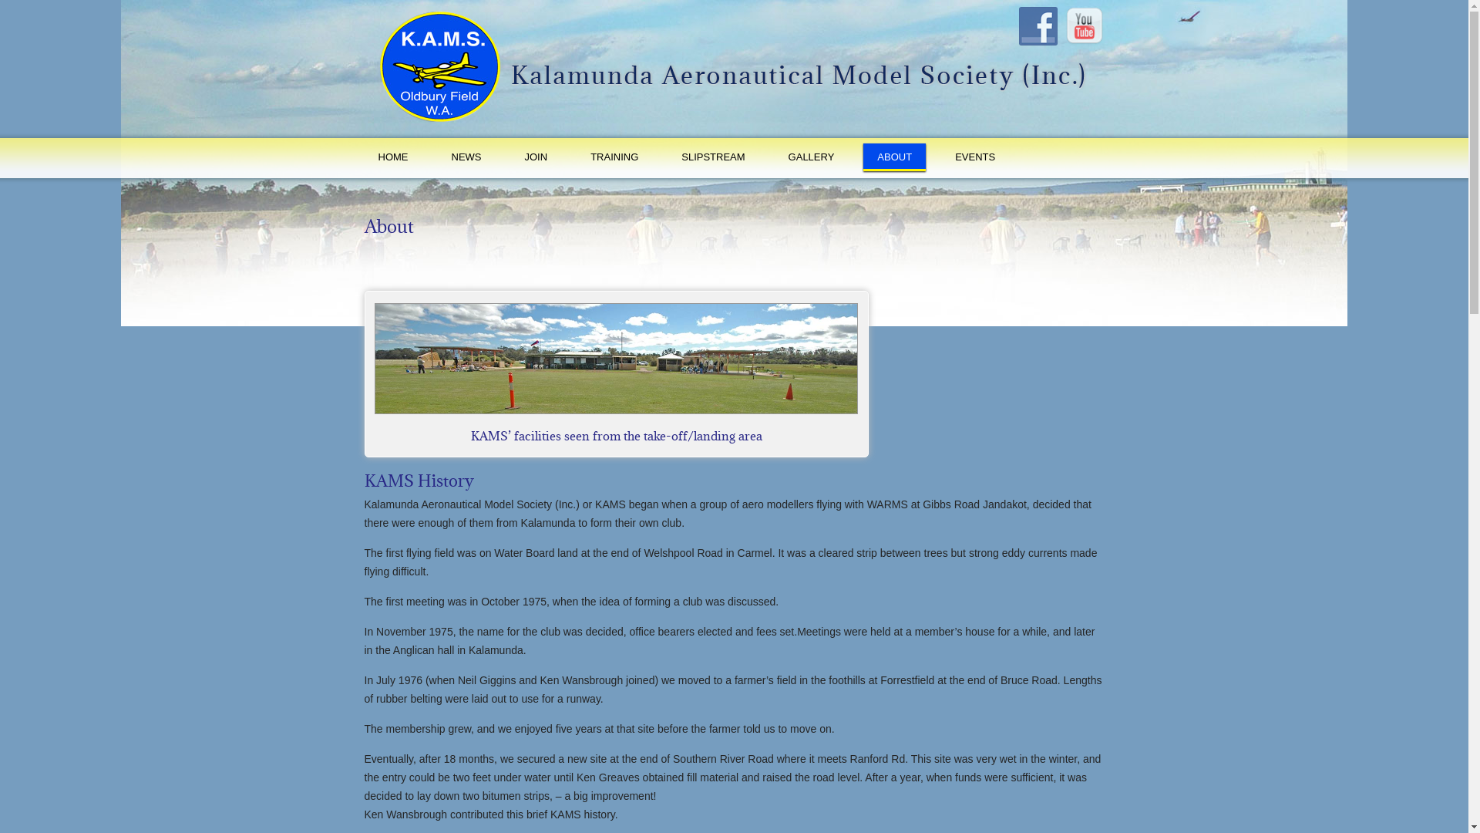  What do you see at coordinates (862, 157) in the screenshot?
I see `'ABOUT'` at bounding box center [862, 157].